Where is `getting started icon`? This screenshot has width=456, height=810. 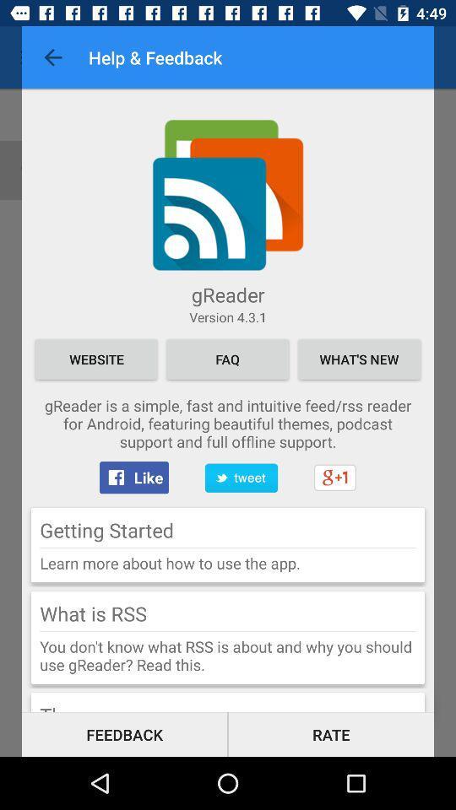 getting started icon is located at coordinates (106, 529).